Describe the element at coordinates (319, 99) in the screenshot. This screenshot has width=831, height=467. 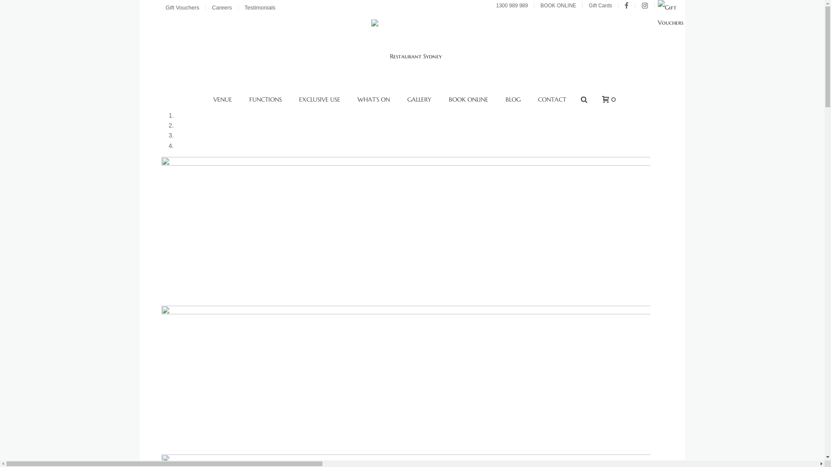
I see `'EXCLUSIVE USE'` at that location.